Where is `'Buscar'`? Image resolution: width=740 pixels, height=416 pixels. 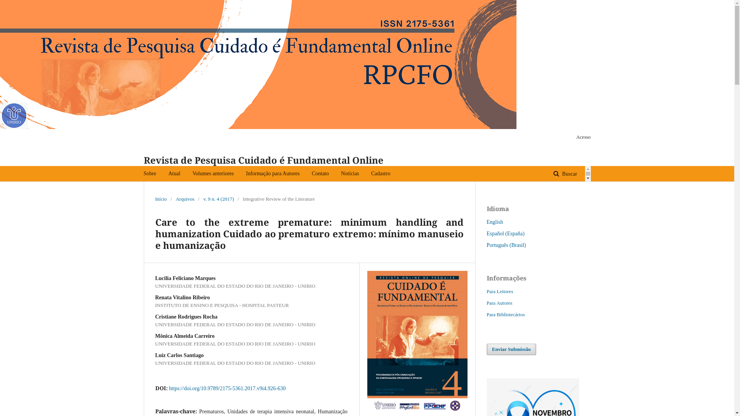 'Buscar' is located at coordinates (565, 174).